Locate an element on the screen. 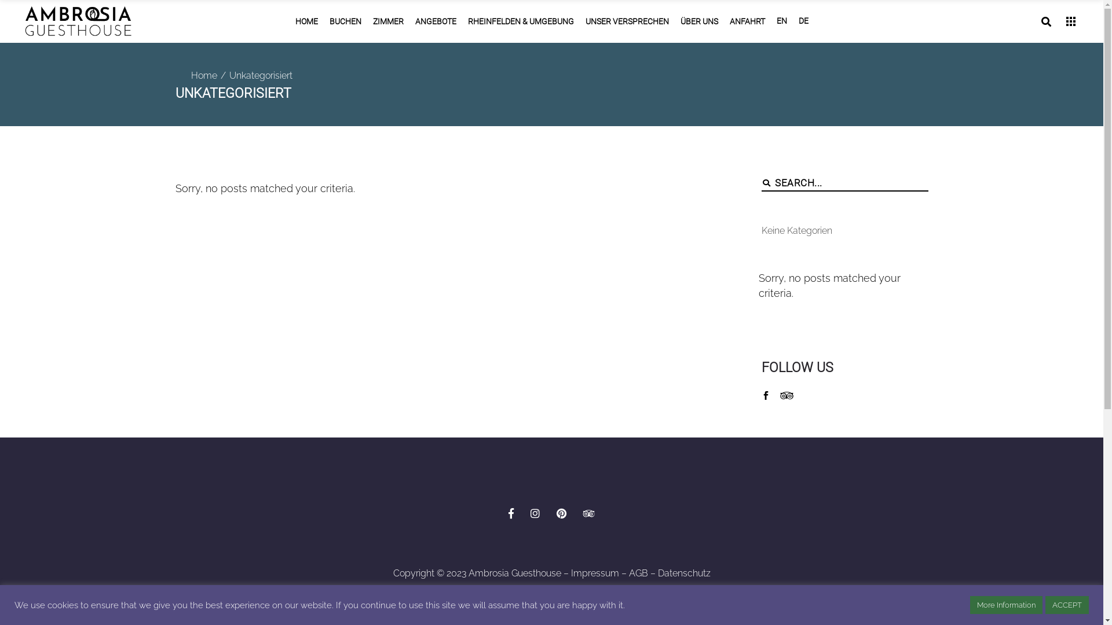 This screenshot has height=625, width=1112. 'BUCHEN' is located at coordinates (323, 21).